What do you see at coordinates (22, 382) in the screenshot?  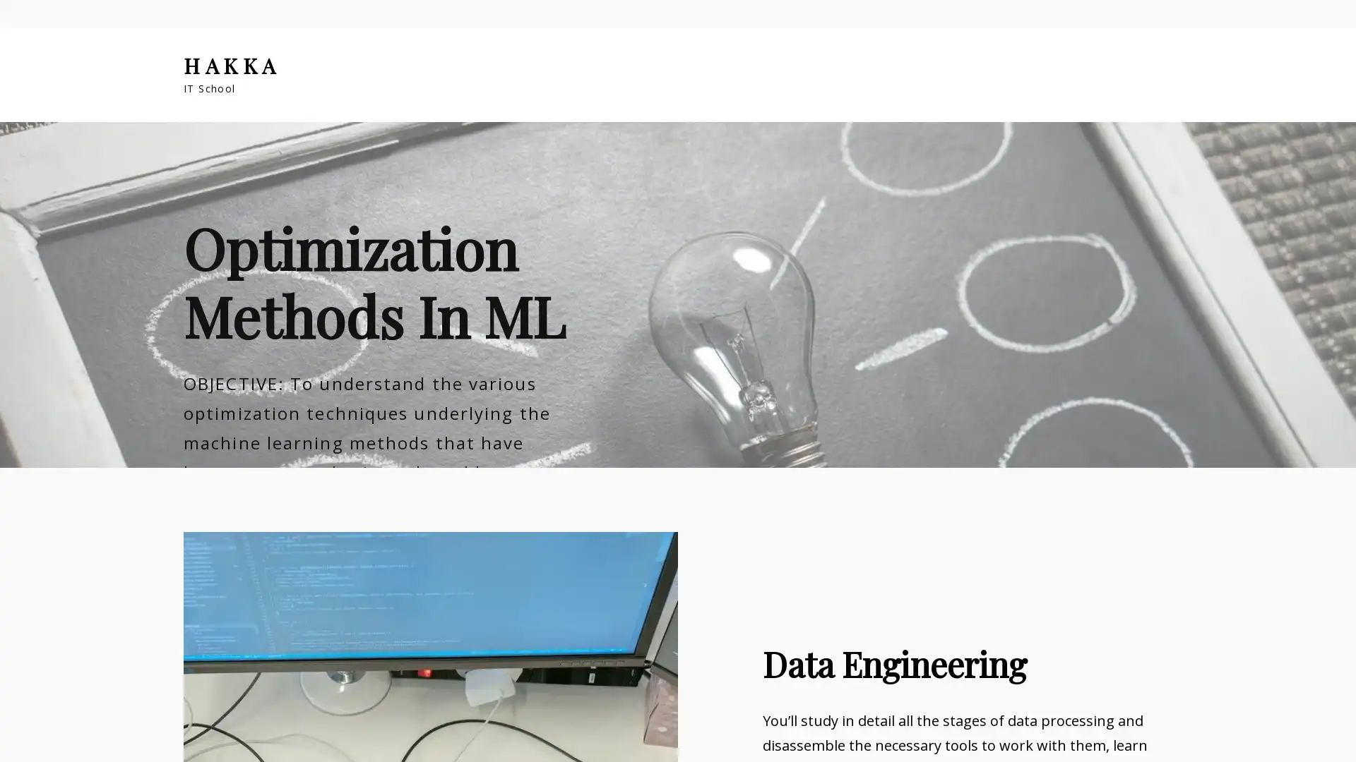 I see `Previous` at bounding box center [22, 382].